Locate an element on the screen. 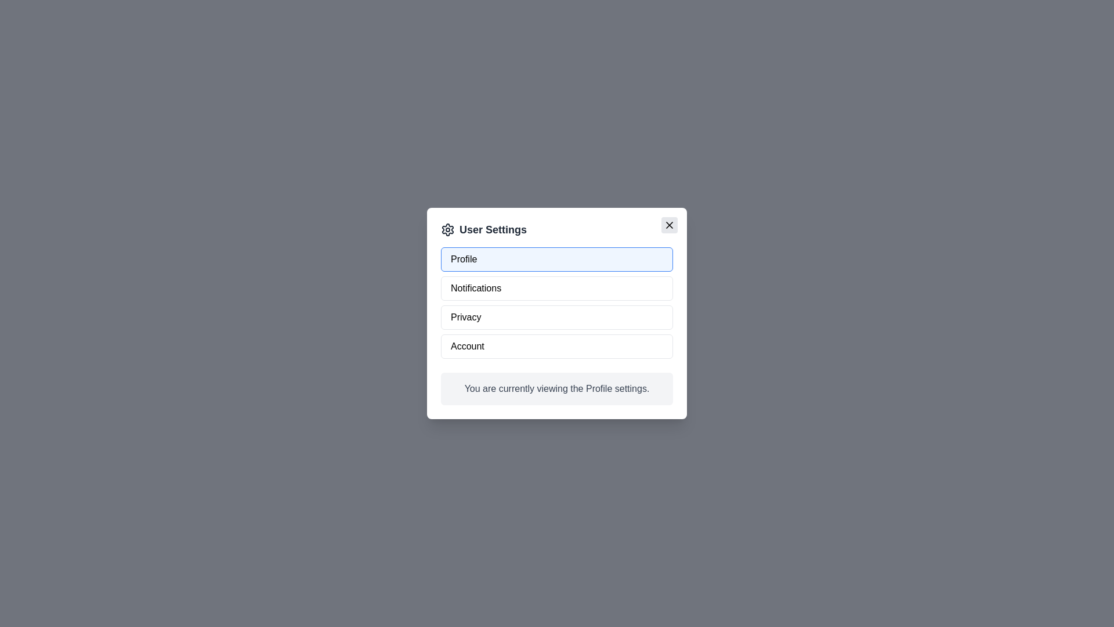 The width and height of the screenshot is (1114, 627). close button in the top-right corner of the dialog is located at coordinates (669, 225).